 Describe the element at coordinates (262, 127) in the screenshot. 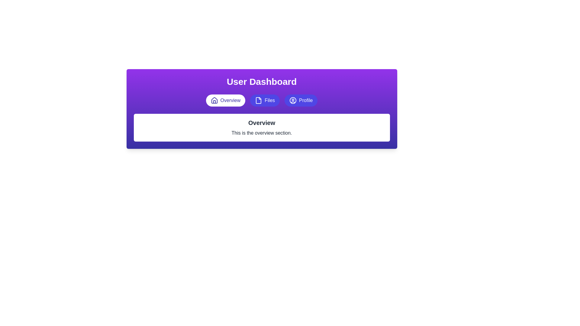

I see `the text block located beneath the navigation segments 'Overview', 'Files', and 'Profile' in the purple-themed dashboard interface` at that location.